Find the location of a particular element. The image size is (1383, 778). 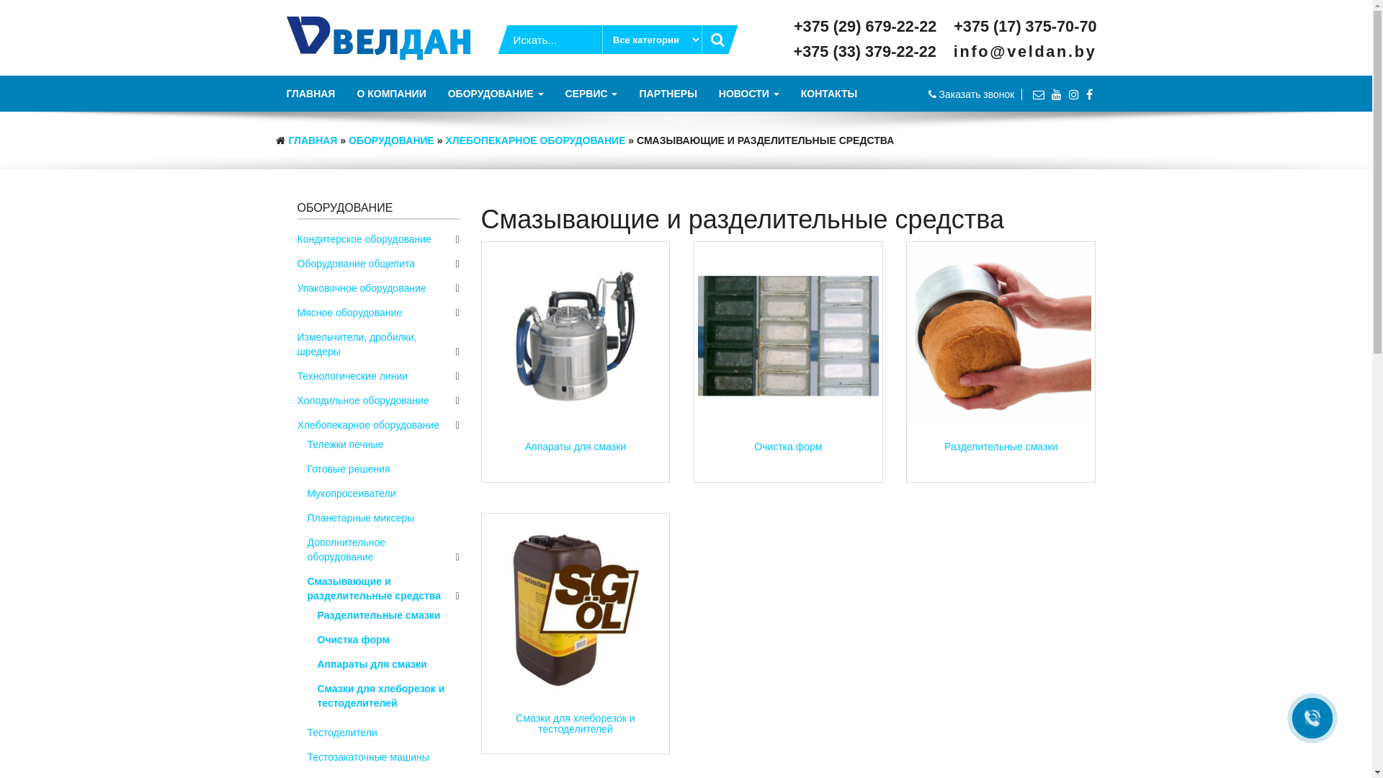

'info@veldan.by' is located at coordinates (1024, 50).